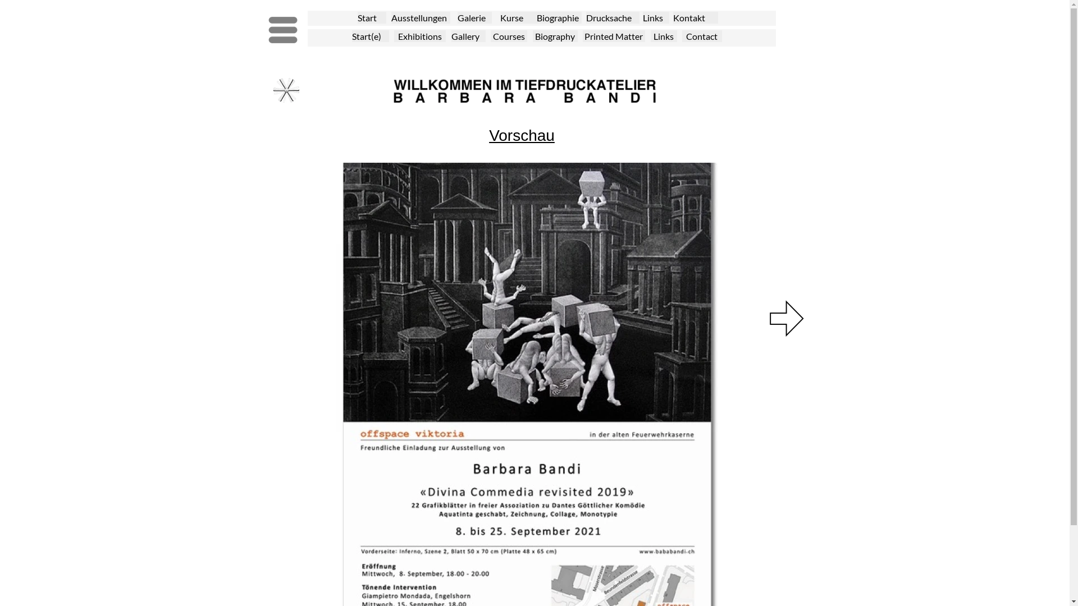 The image size is (1078, 606). I want to click on 'Galerie', so click(474, 18).